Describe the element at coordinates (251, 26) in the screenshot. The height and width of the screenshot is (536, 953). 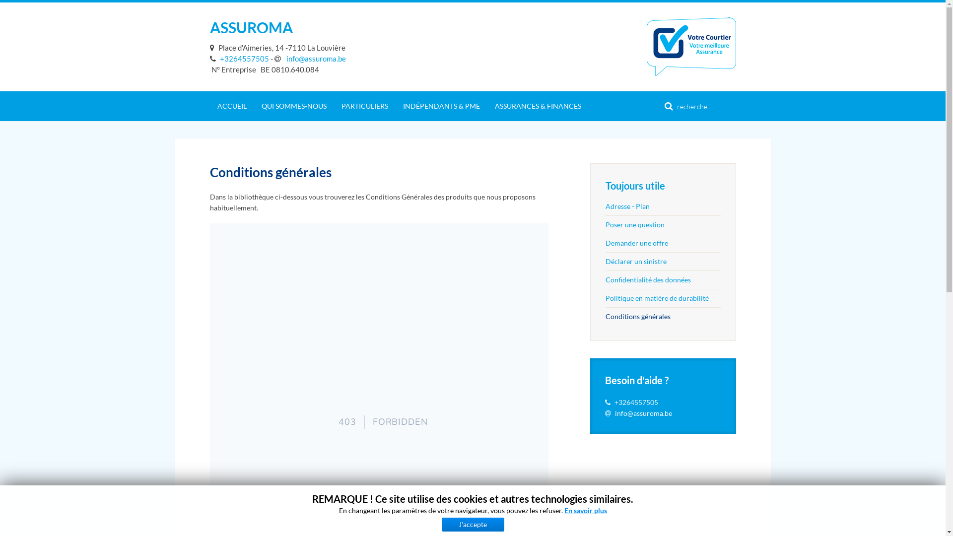
I see `'ASSUROMA'` at that location.